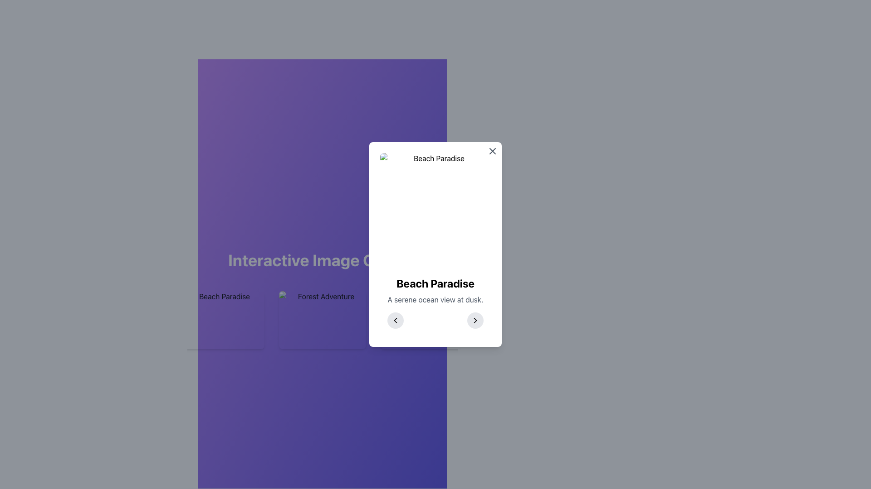  Describe the element at coordinates (396, 320) in the screenshot. I see `the navigation button icon located at the left side of the modal interface, below the 'Beach Paradise' title and description` at that location.